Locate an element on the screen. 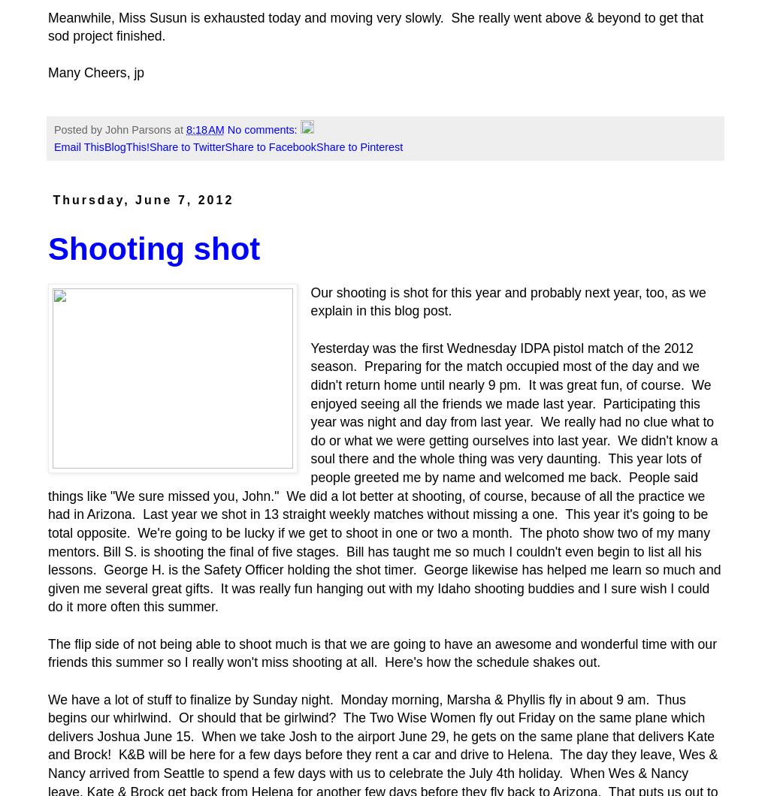 This screenshot has width=765, height=796. 'Email This' is located at coordinates (77, 146).